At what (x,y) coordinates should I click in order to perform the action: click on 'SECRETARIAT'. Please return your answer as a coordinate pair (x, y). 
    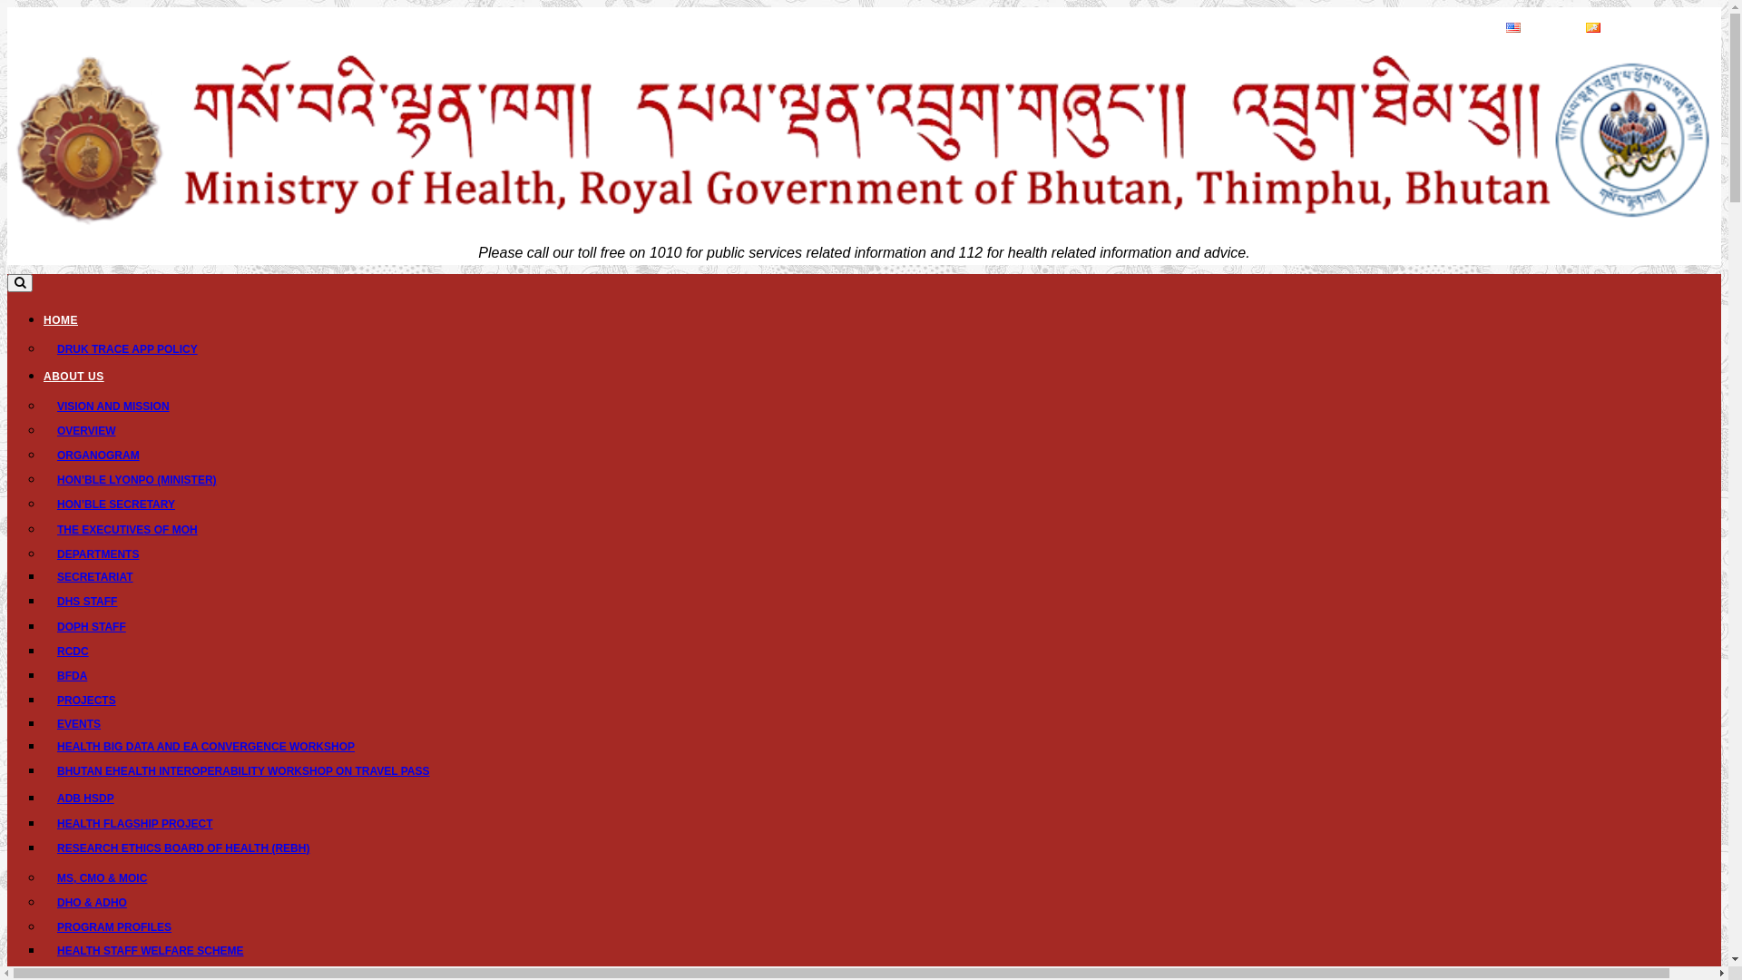
    Looking at the image, I should click on (103, 577).